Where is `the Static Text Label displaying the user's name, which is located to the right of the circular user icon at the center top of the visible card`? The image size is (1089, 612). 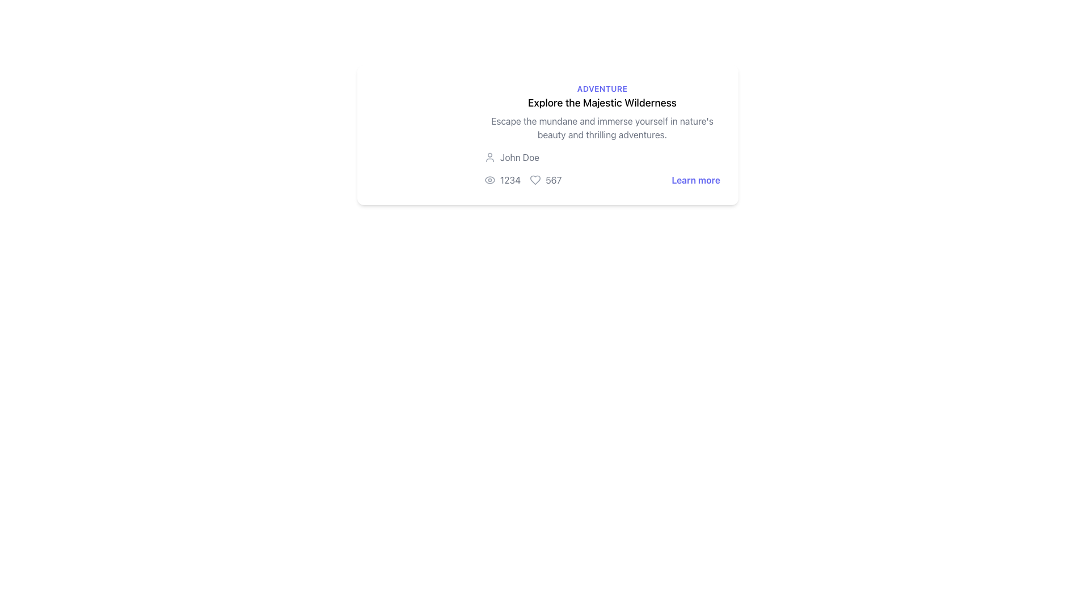 the Static Text Label displaying the user's name, which is located to the right of the circular user icon at the center top of the visible card is located at coordinates (519, 157).